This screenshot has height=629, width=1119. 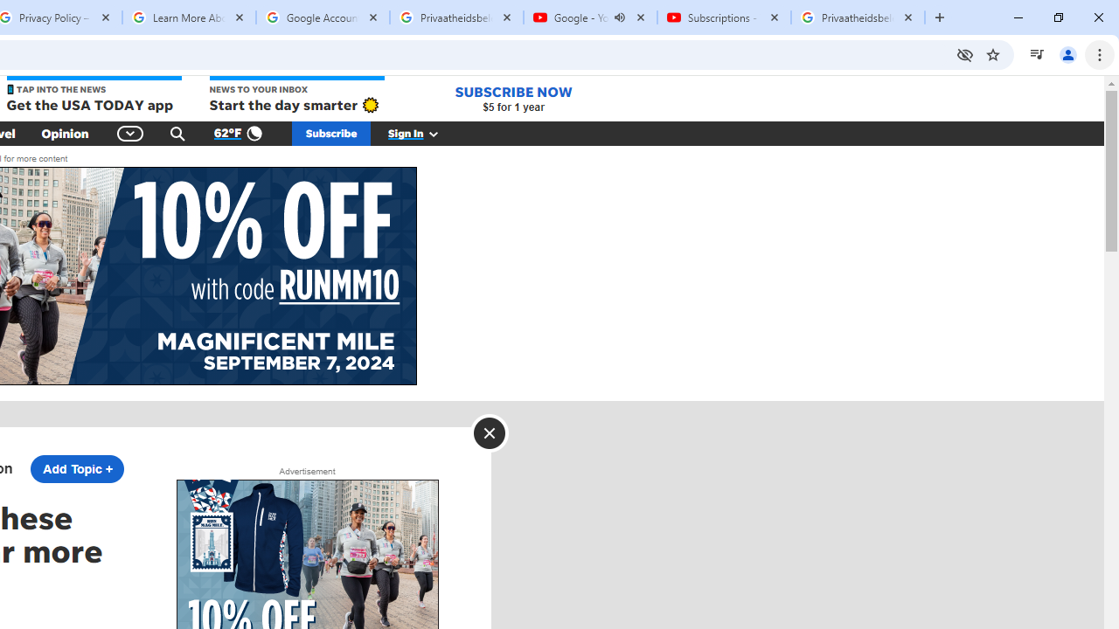 What do you see at coordinates (724, 17) in the screenshot?
I see `'Subscriptions - YouTube'` at bounding box center [724, 17].